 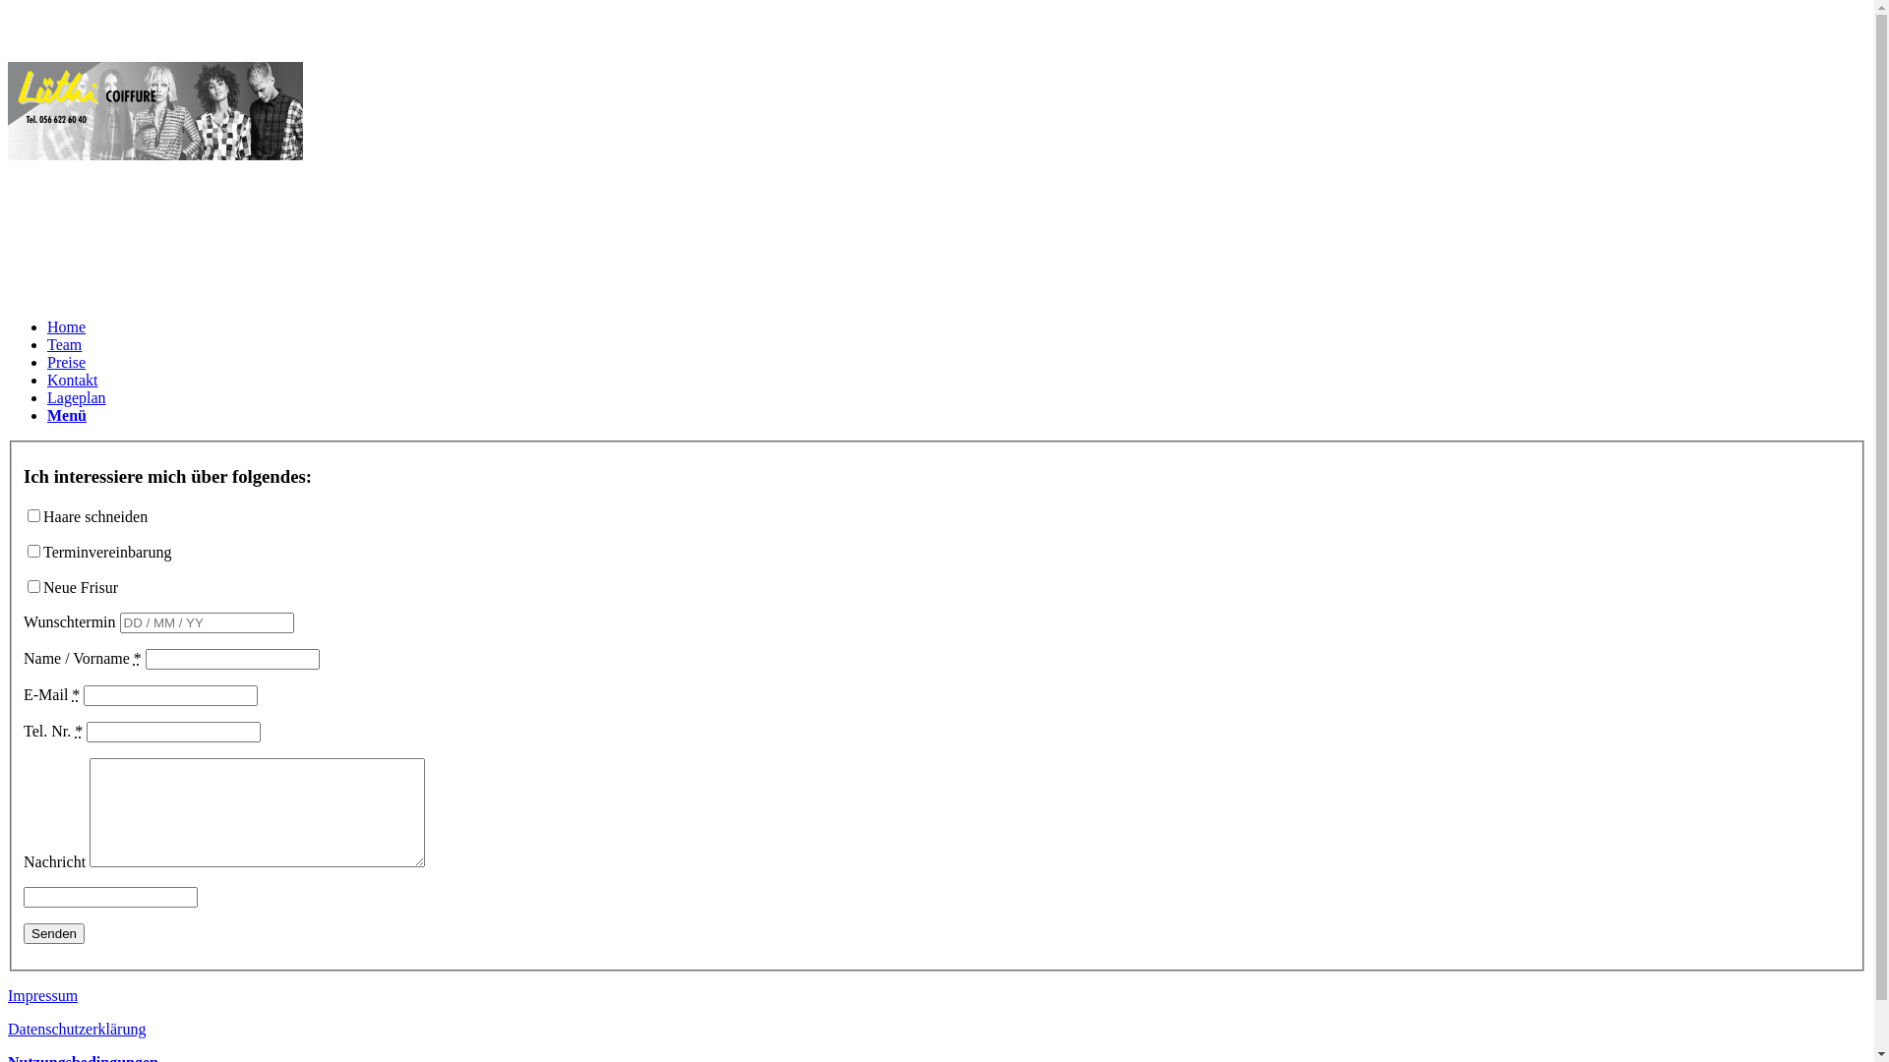 I want to click on 'Kontakt', so click(x=72, y=380).